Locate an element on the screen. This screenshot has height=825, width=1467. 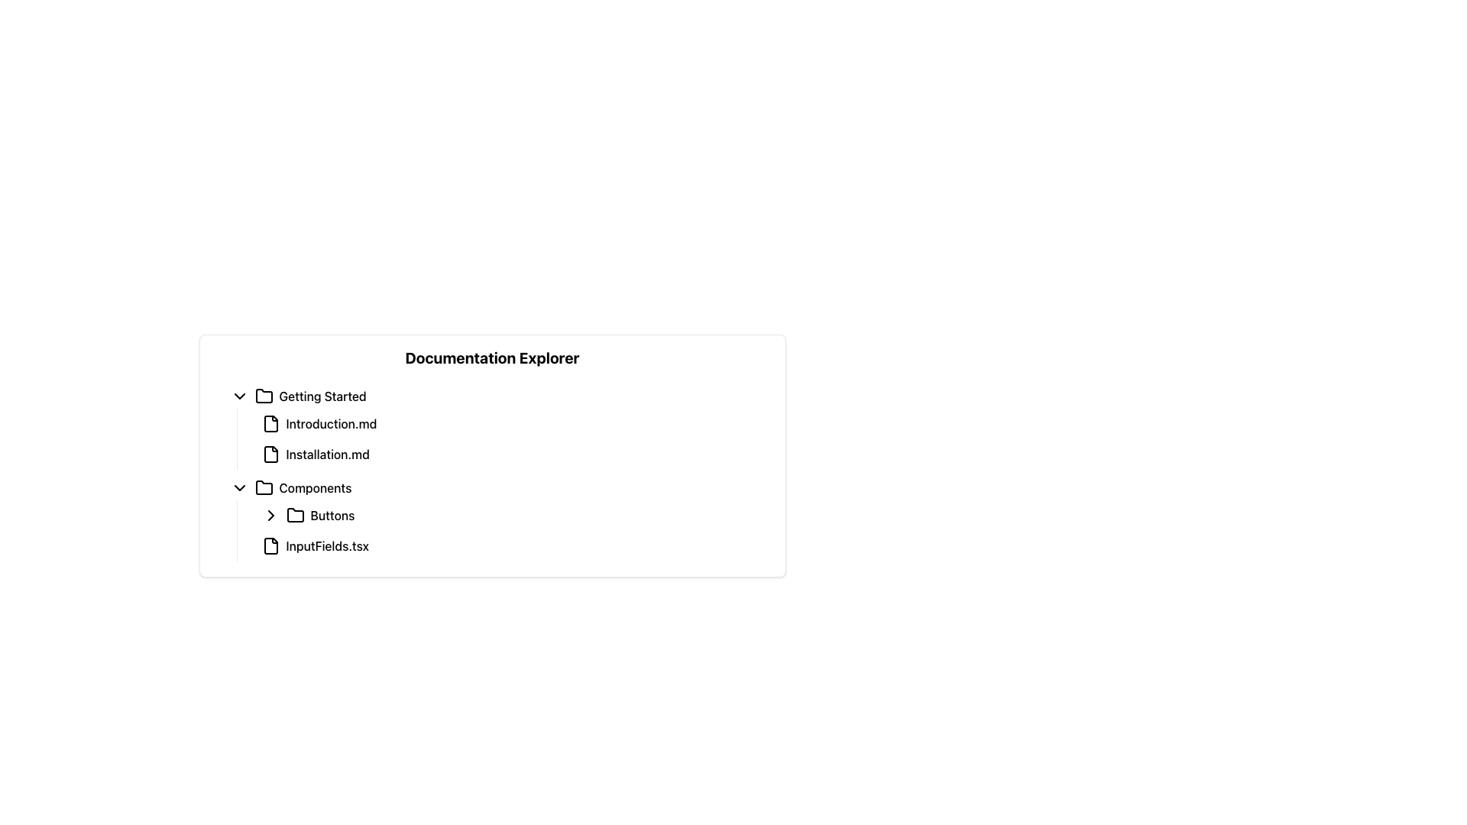
the right-pointing chevron icon in the 'Buttons' folder within the 'Components' section is located at coordinates (270, 516).